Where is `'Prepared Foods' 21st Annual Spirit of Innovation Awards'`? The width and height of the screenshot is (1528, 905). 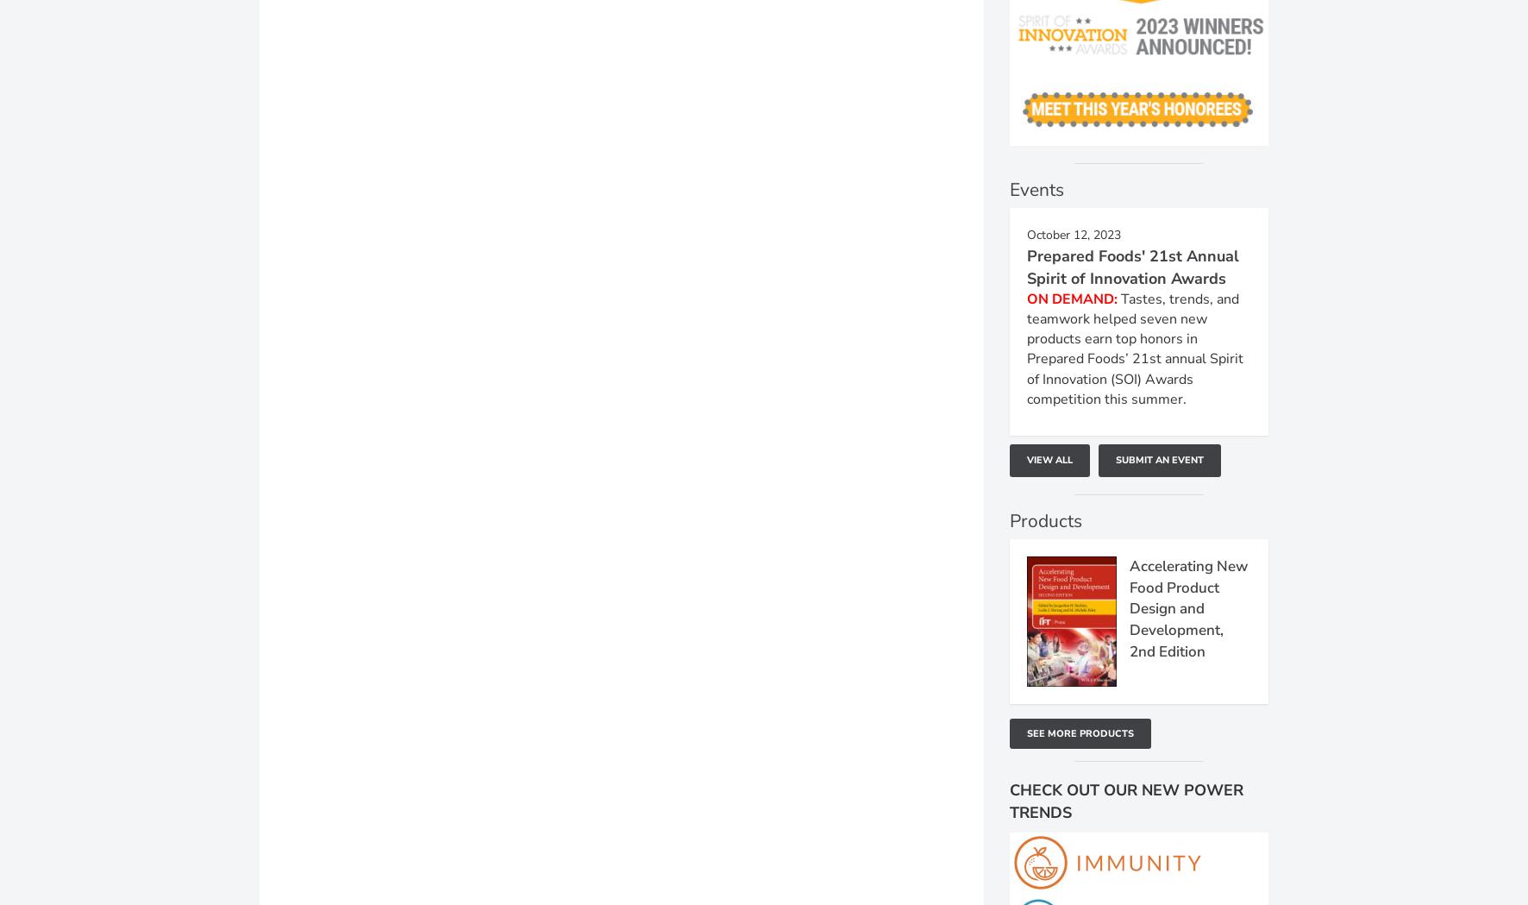 'Prepared Foods' 21st Annual Spirit of Innovation Awards' is located at coordinates (1025, 267).